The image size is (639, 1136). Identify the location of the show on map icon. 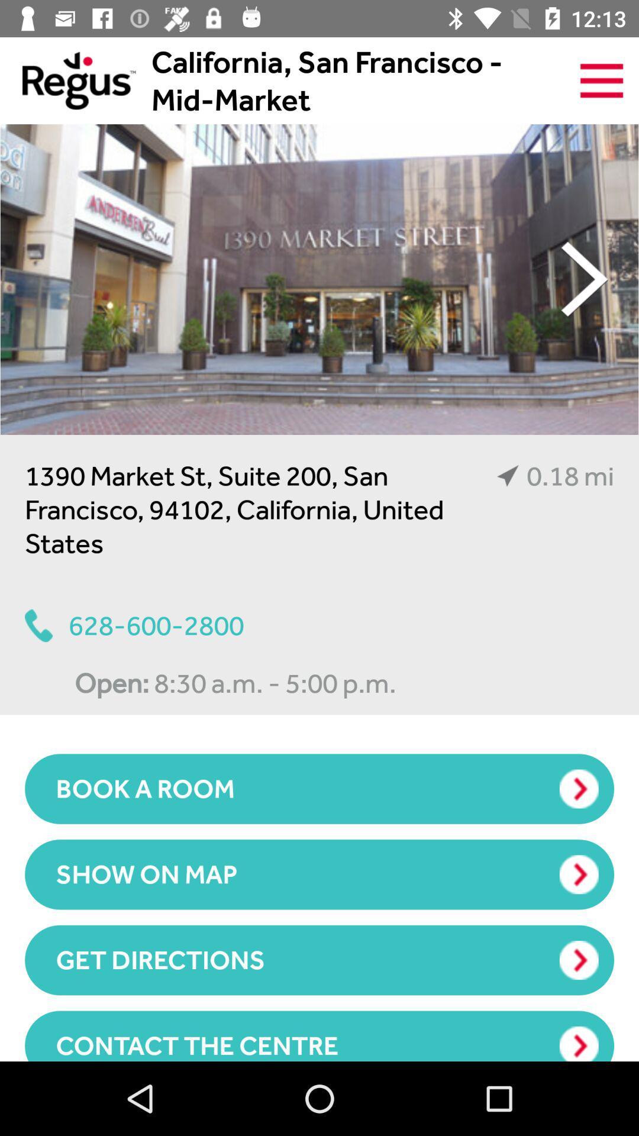
(319, 874).